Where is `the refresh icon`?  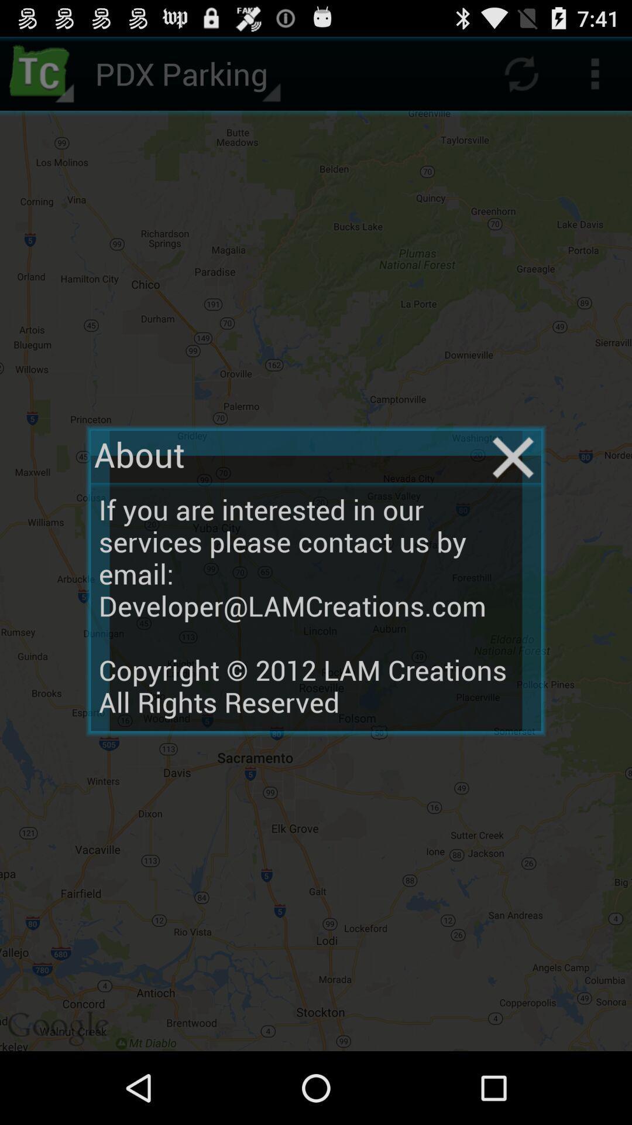
the refresh icon is located at coordinates (521, 78).